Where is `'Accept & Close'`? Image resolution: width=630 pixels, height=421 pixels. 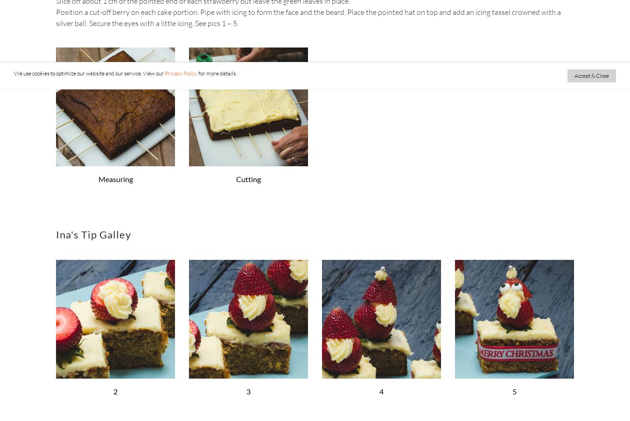
'Accept & Close' is located at coordinates (574, 75).